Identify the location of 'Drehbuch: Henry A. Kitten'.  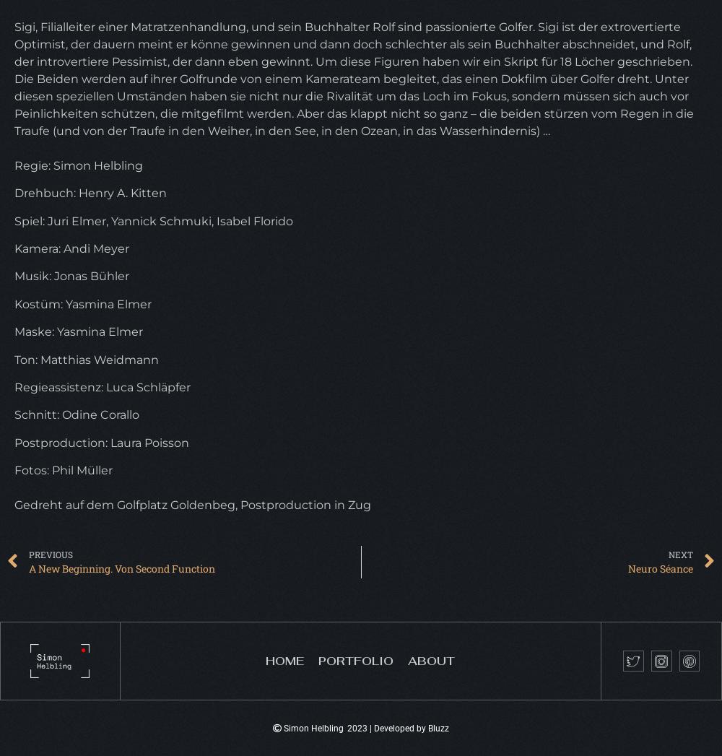
(90, 193).